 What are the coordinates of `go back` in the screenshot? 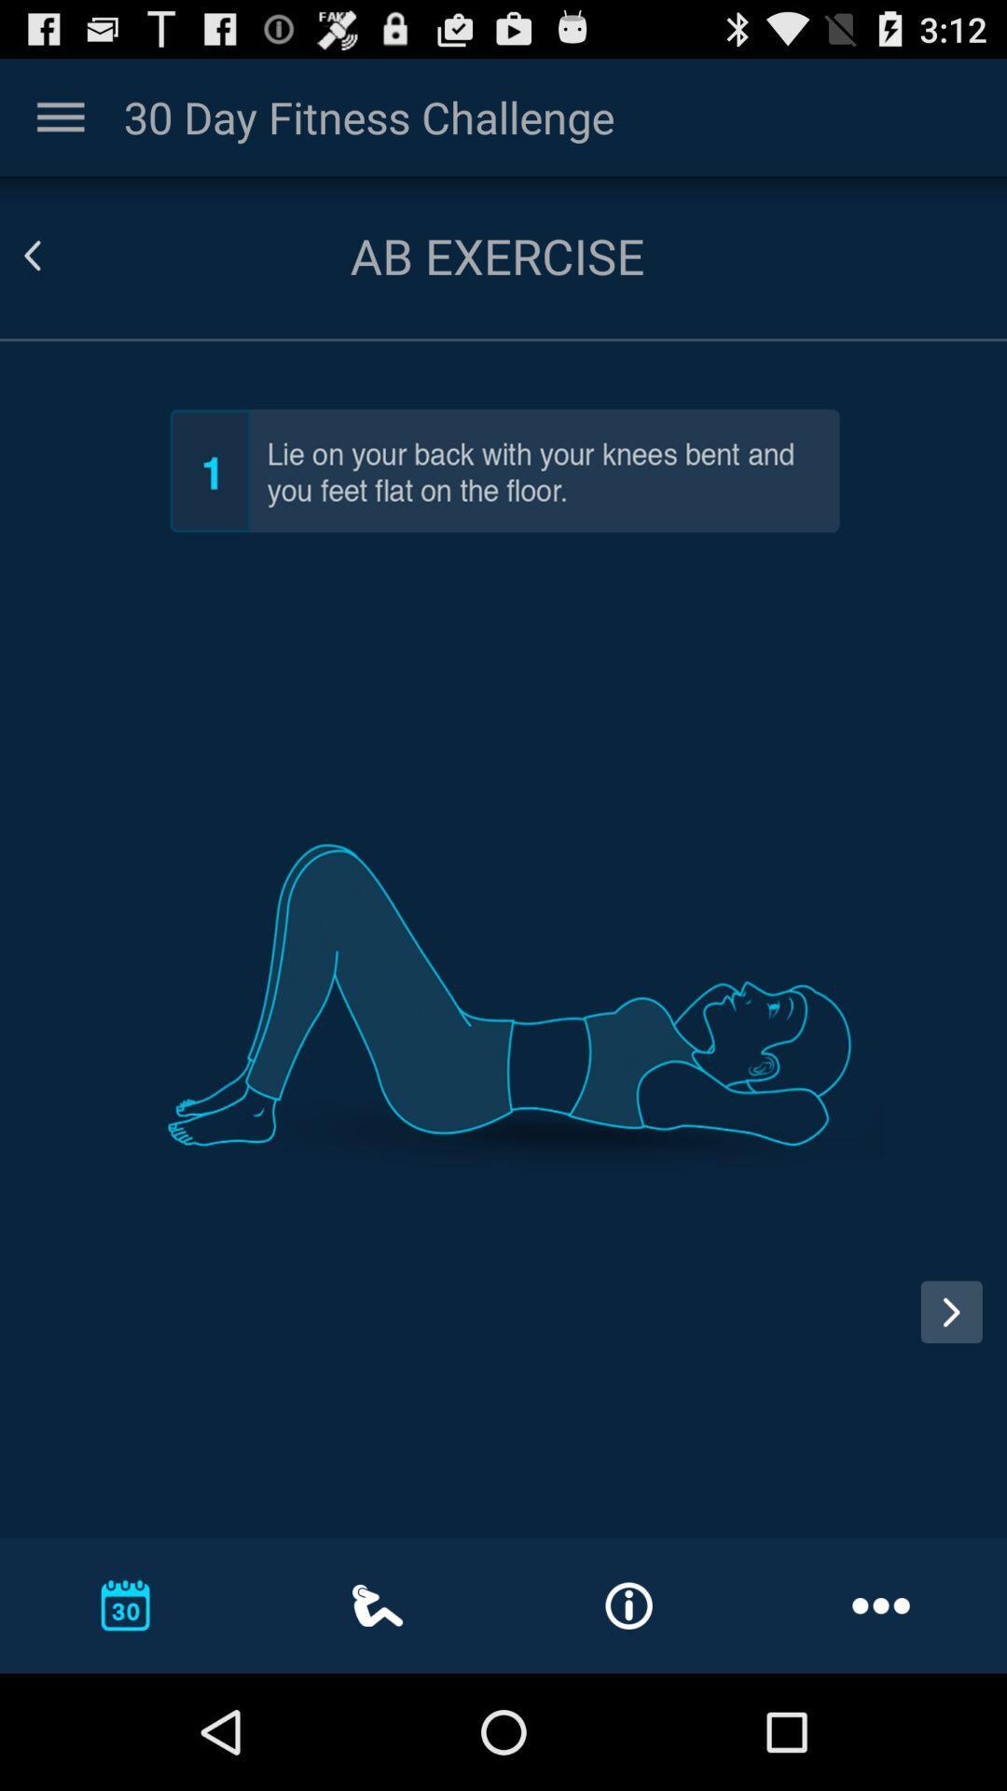 It's located at (54, 255).